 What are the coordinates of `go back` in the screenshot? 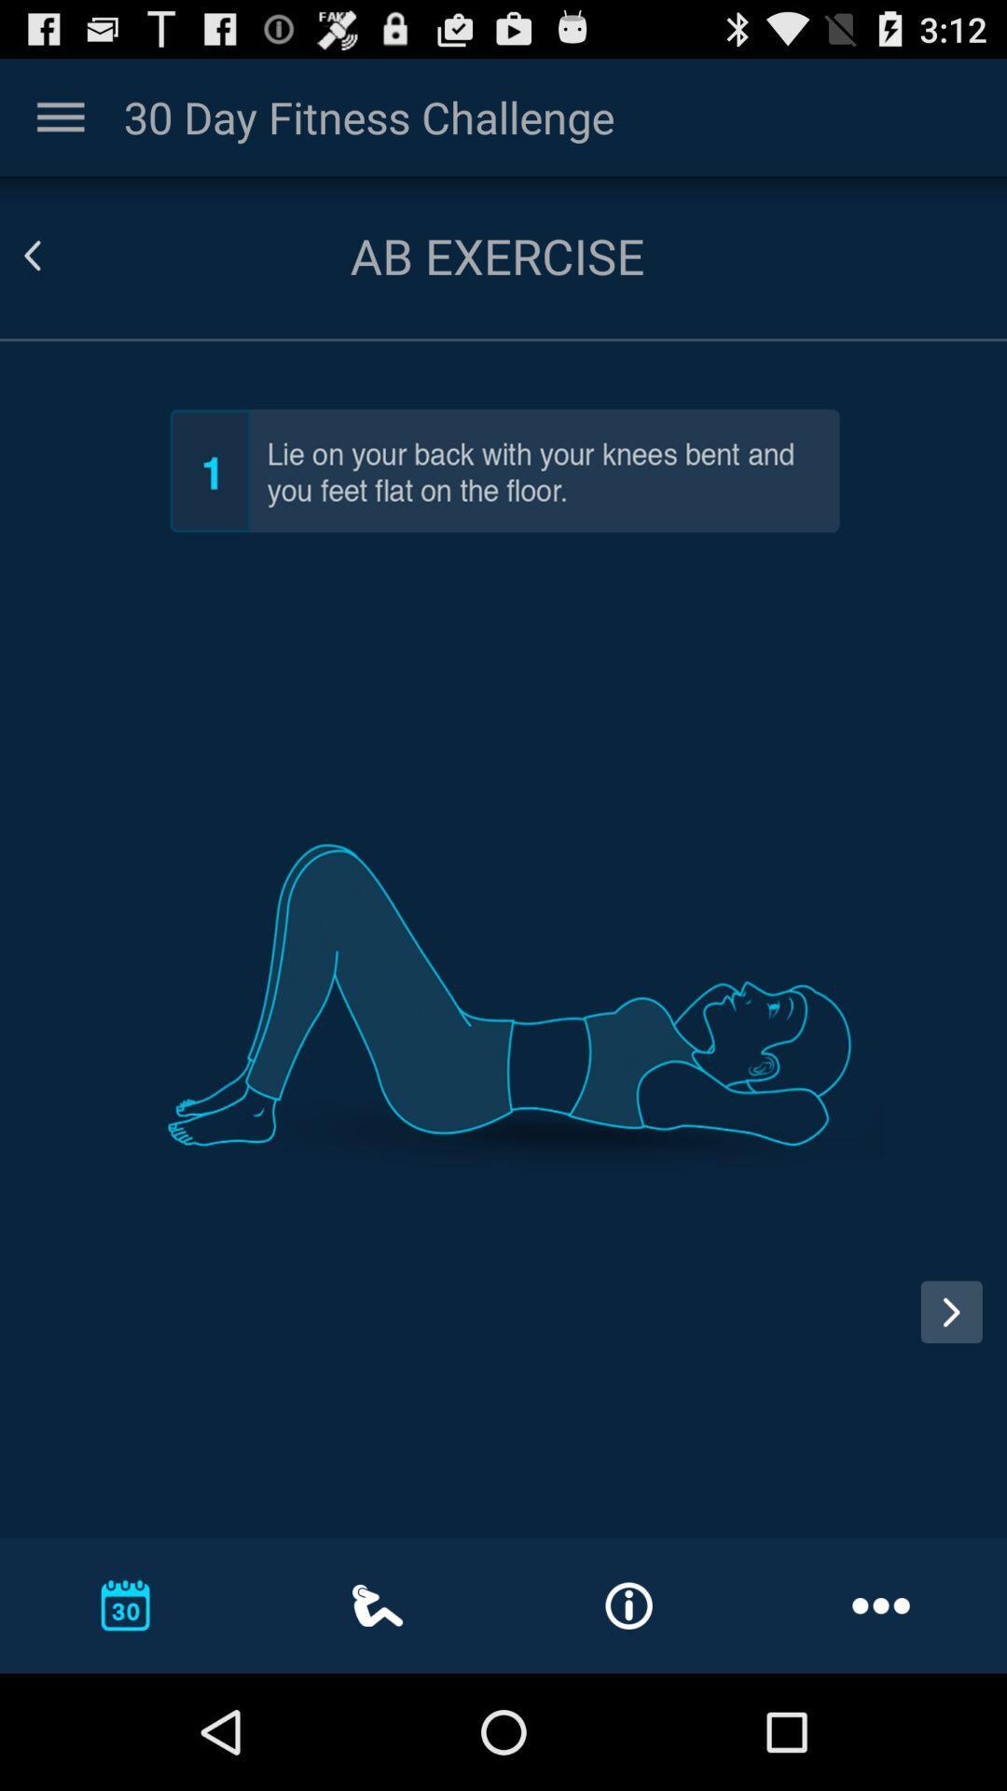 It's located at (54, 255).